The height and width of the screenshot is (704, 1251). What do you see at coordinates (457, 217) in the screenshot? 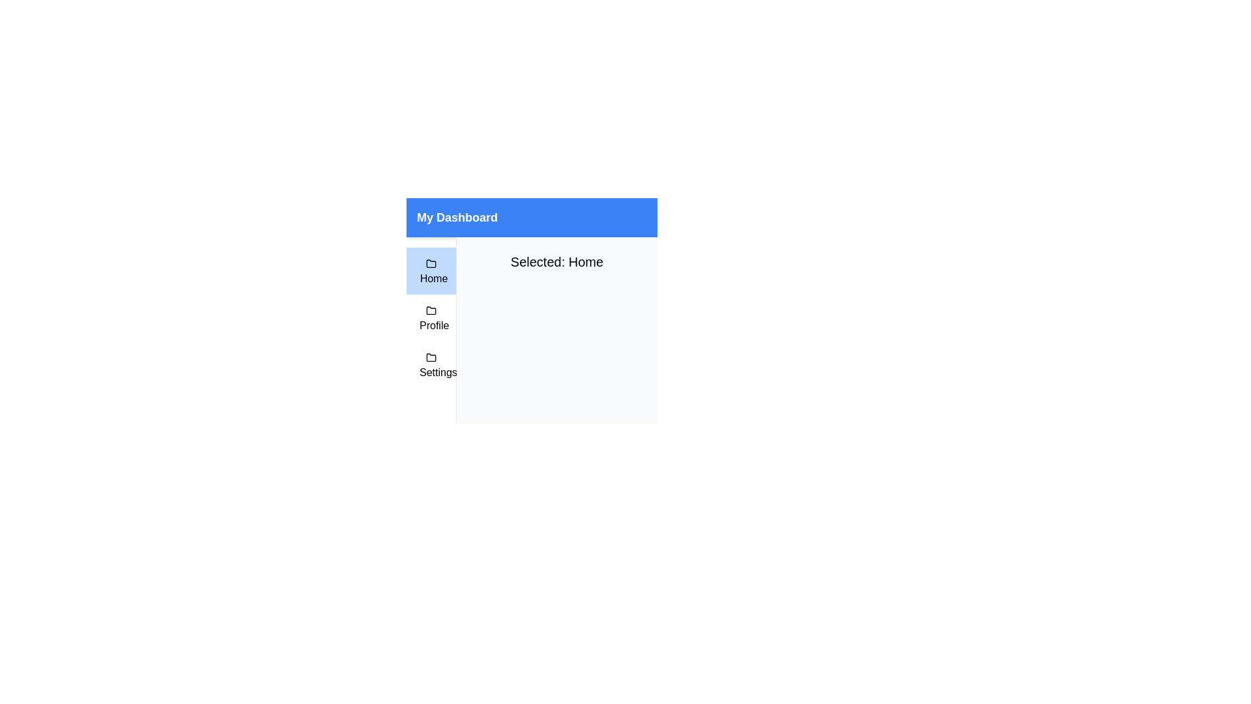
I see `the bold, large-text title 'My Dashboard' displayed in white on a blue background header, located at the top of the navigation area` at bounding box center [457, 217].